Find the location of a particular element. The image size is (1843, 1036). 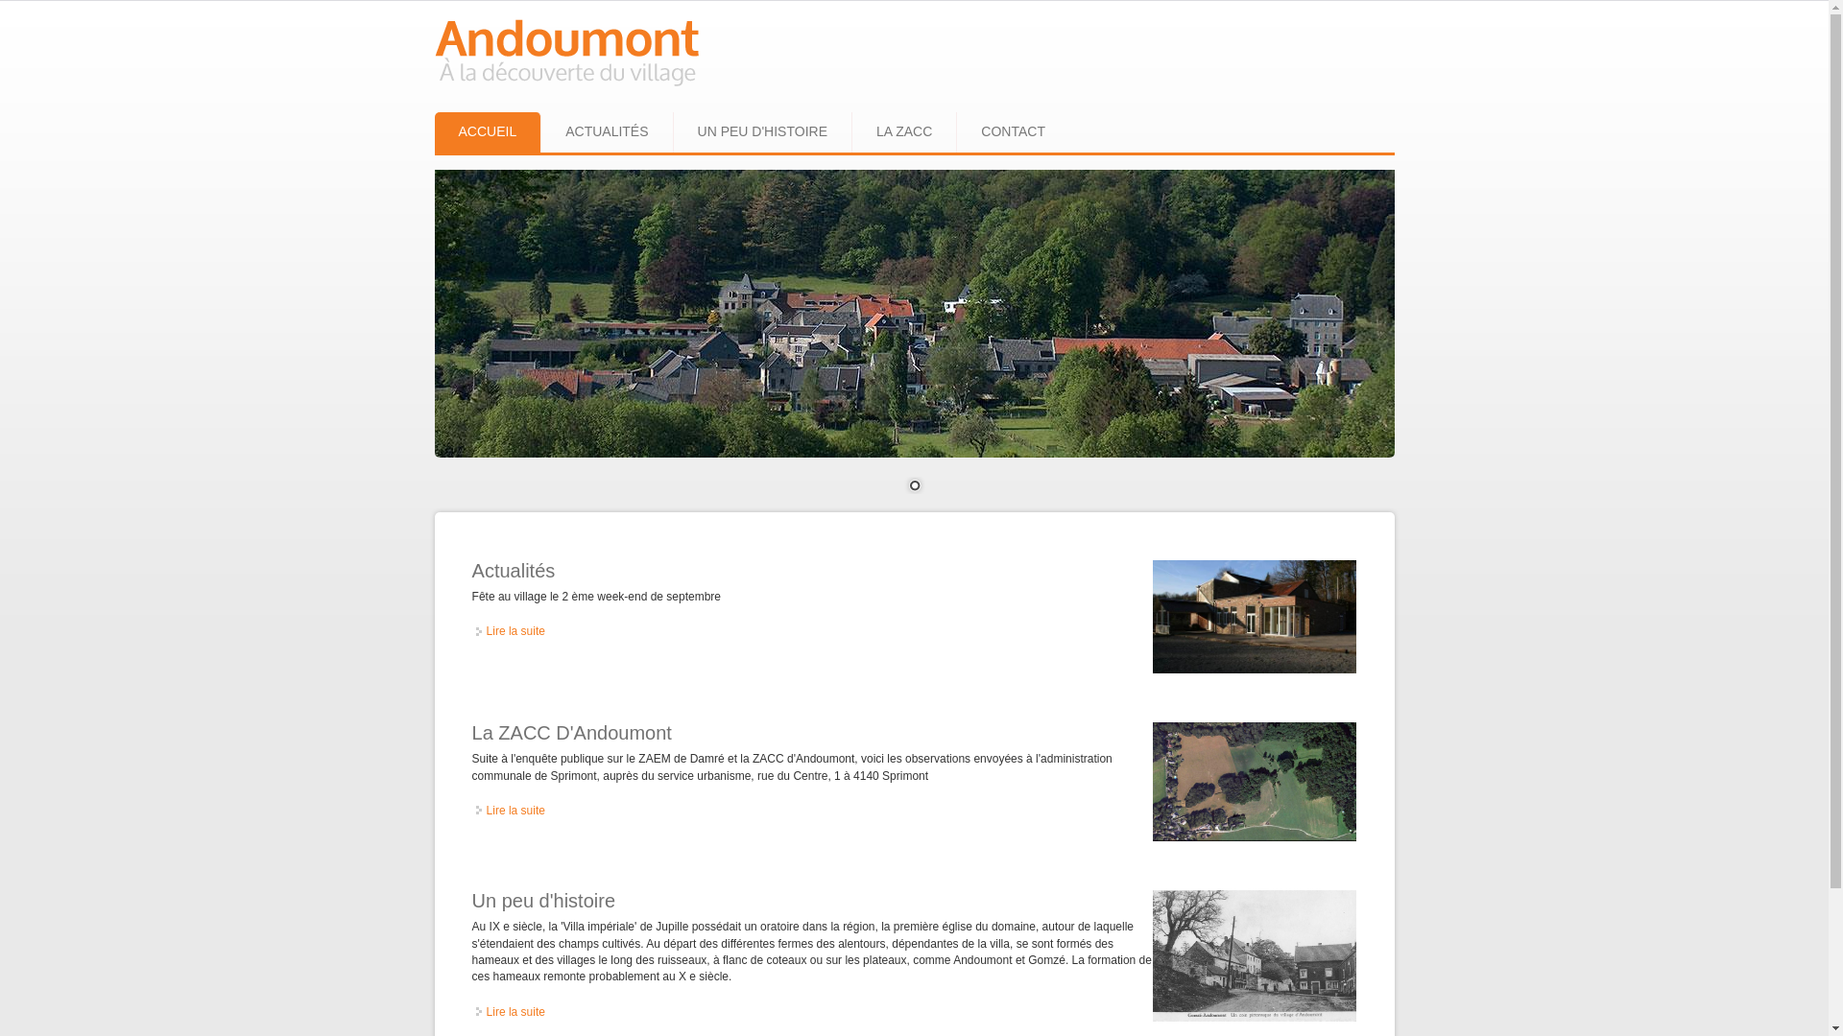

'La ZACC D'Andoumont' is located at coordinates (570, 732).